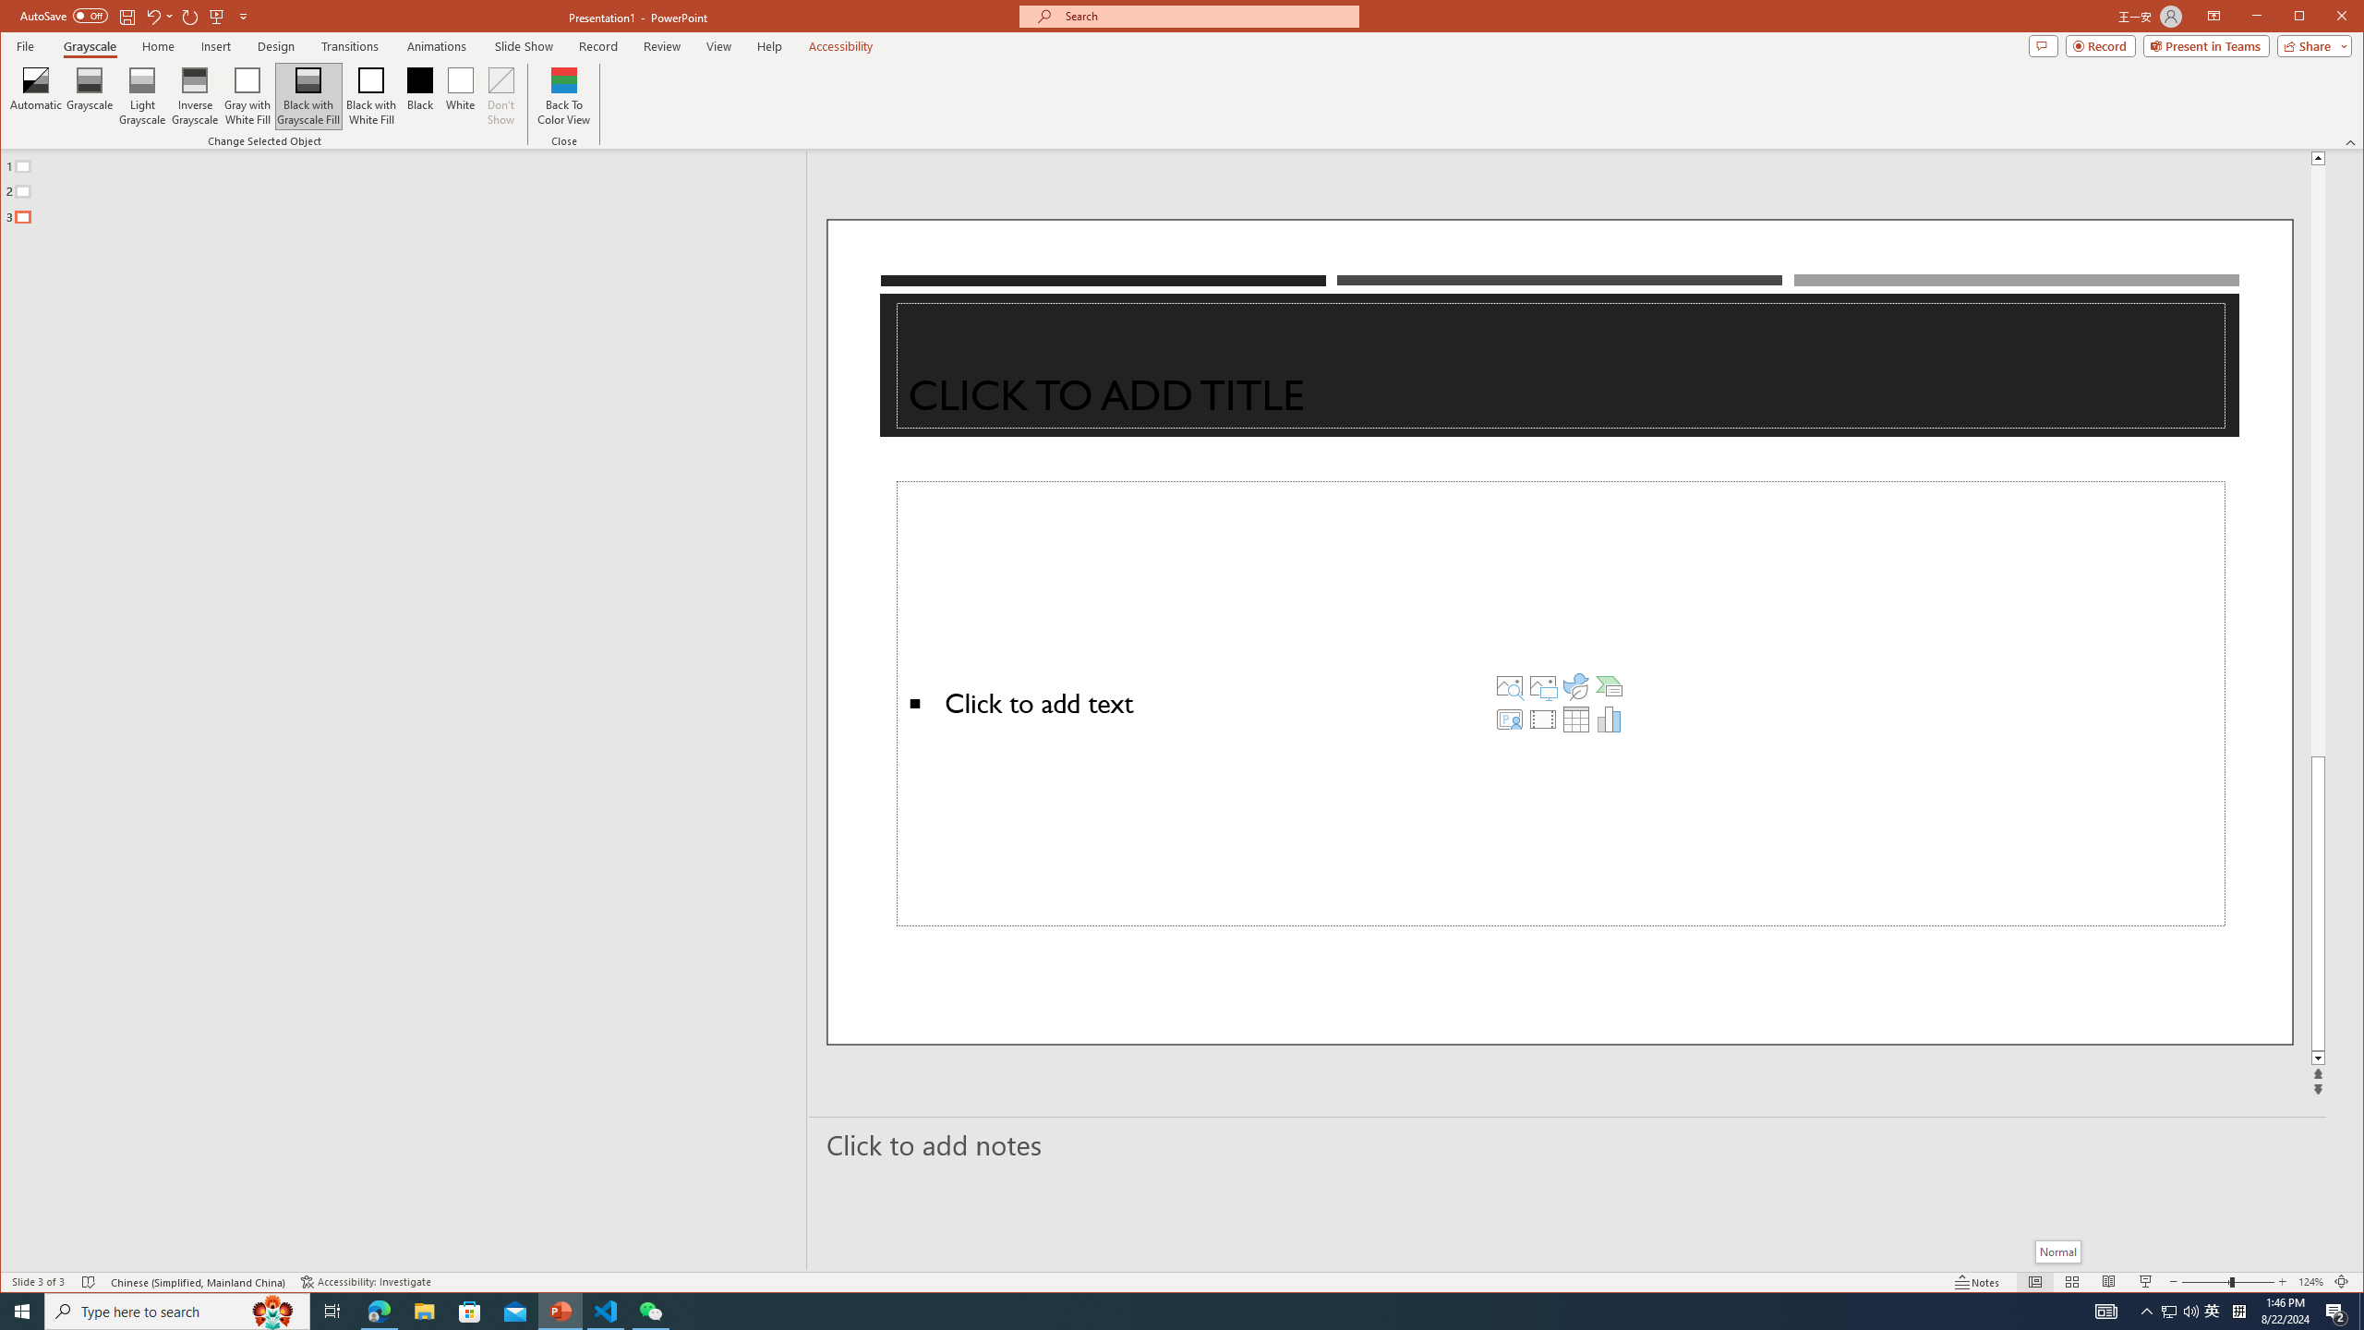  What do you see at coordinates (90, 95) in the screenshot?
I see `'Grayscale'` at bounding box center [90, 95].